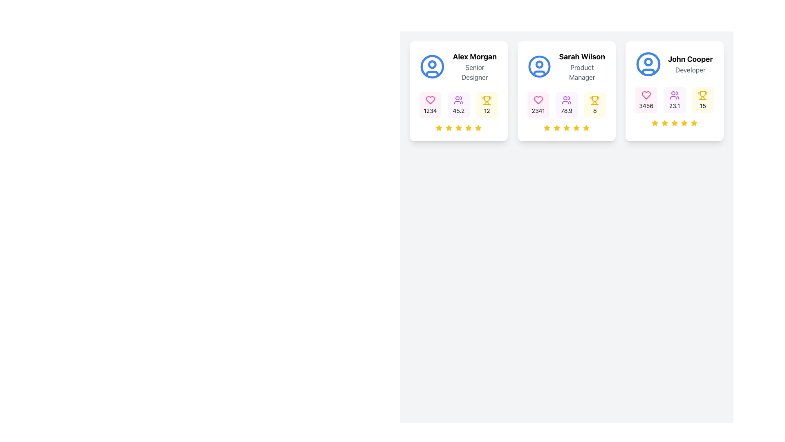 The width and height of the screenshot is (785, 442). I want to click on the informational display with a pink background, heart-shaped icon, and the number '2341' centered below the icon, located in the second card of three visible cards, so click(538, 105).